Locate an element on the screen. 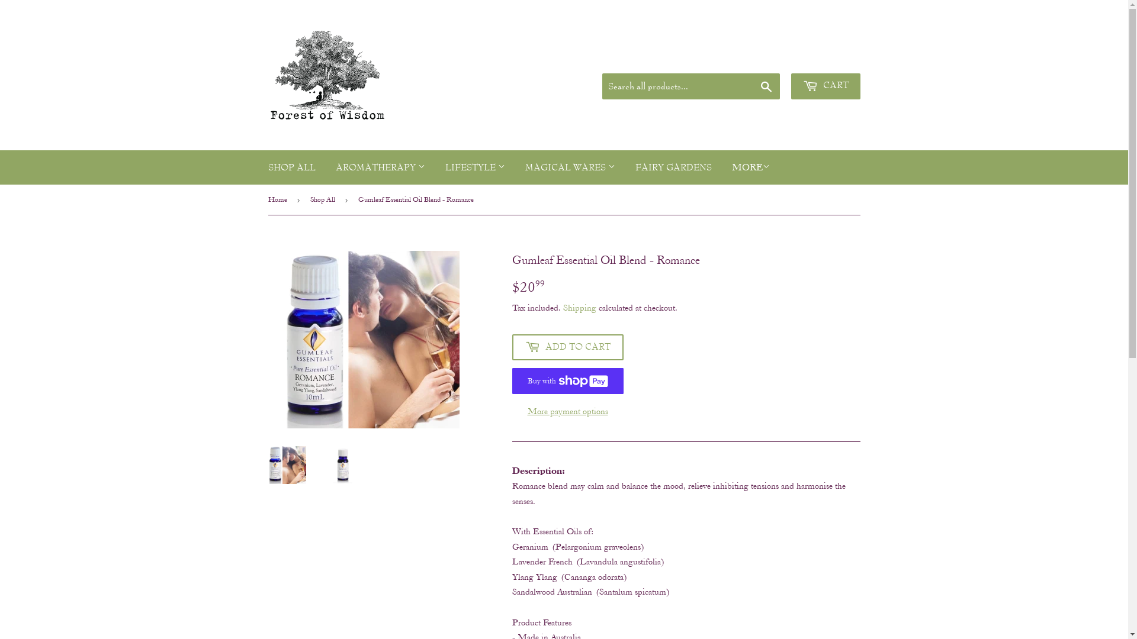 This screenshot has width=1137, height=639. 'AROMATHERAPY' is located at coordinates (380, 167).